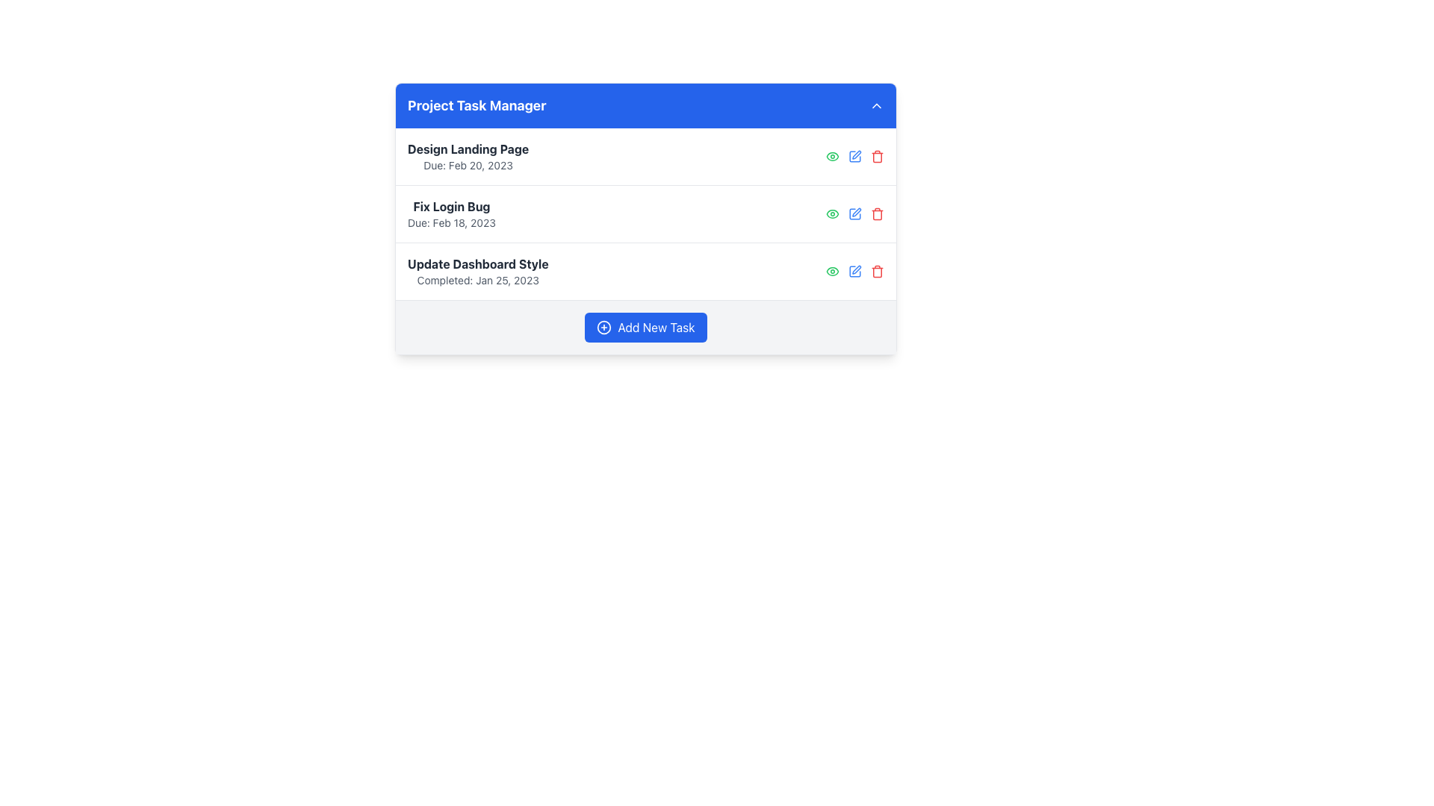  What do you see at coordinates (855, 156) in the screenshot?
I see `the Icon Button used for editing details of the task titled 'Design Landing Page'` at bounding box center [855, 156].